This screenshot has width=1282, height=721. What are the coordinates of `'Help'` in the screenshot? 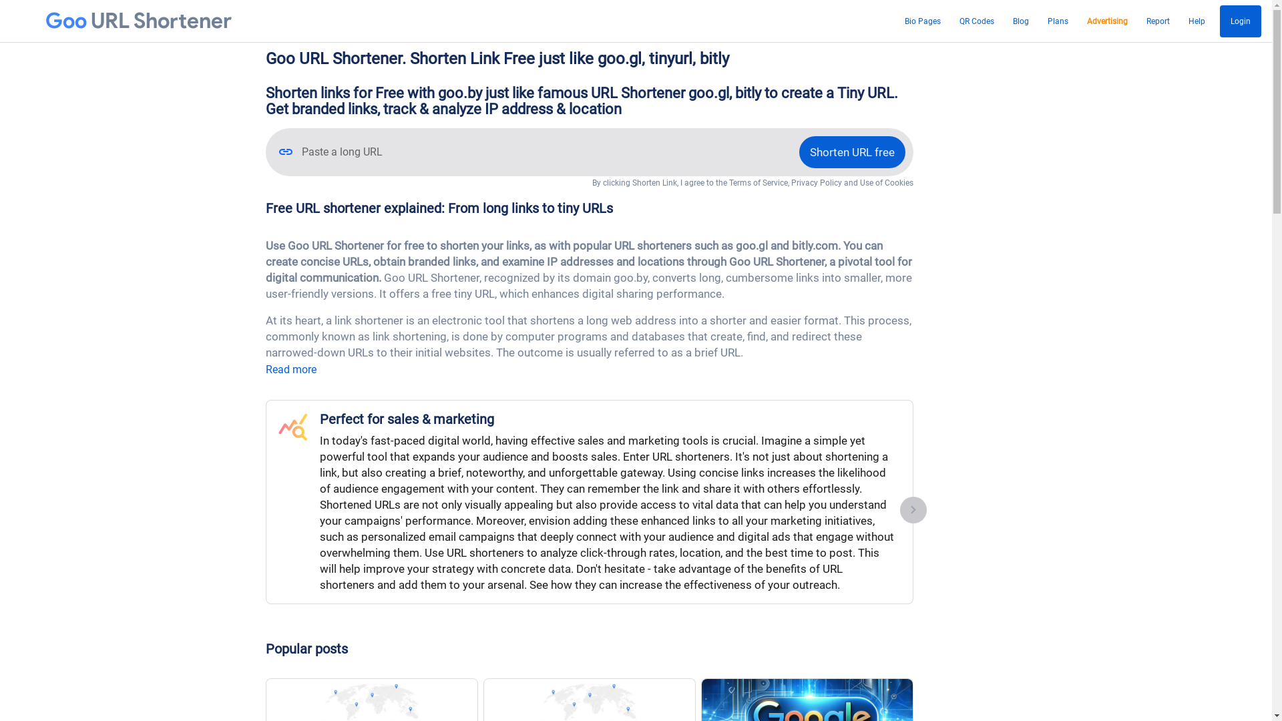 It's located at (1197, 21).